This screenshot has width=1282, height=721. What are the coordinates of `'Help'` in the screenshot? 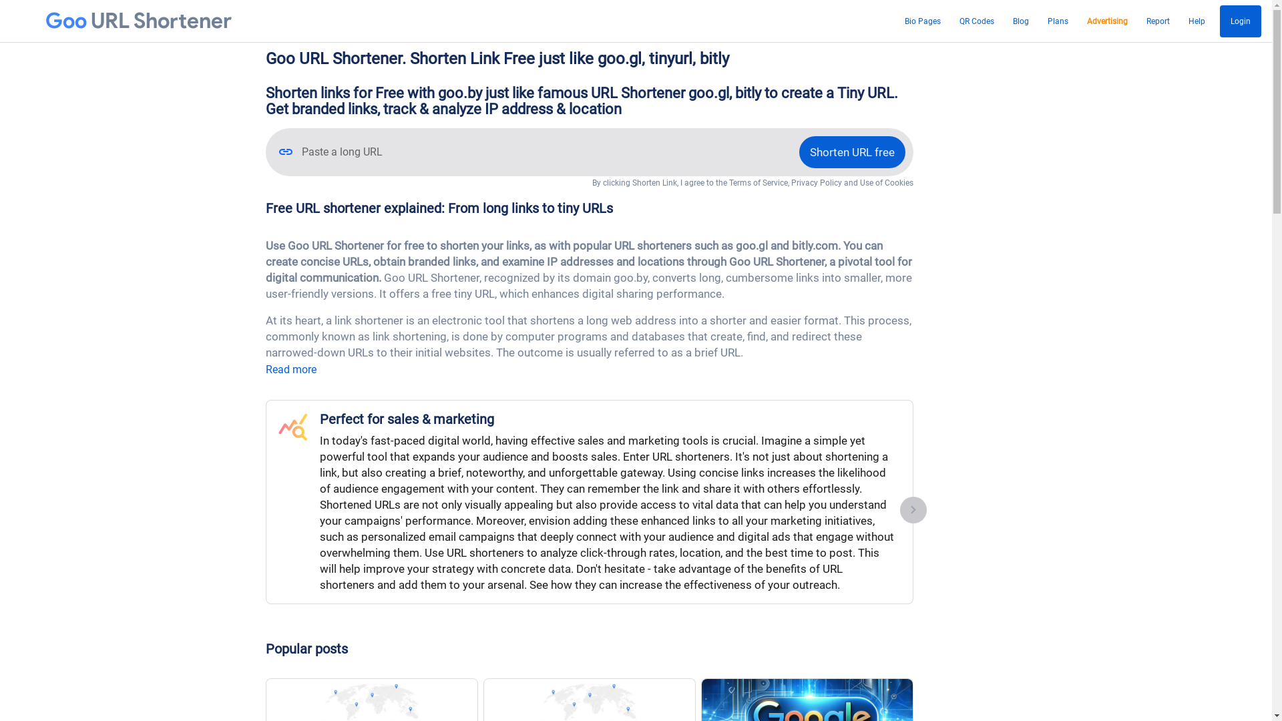 It's located at (1197, 21).